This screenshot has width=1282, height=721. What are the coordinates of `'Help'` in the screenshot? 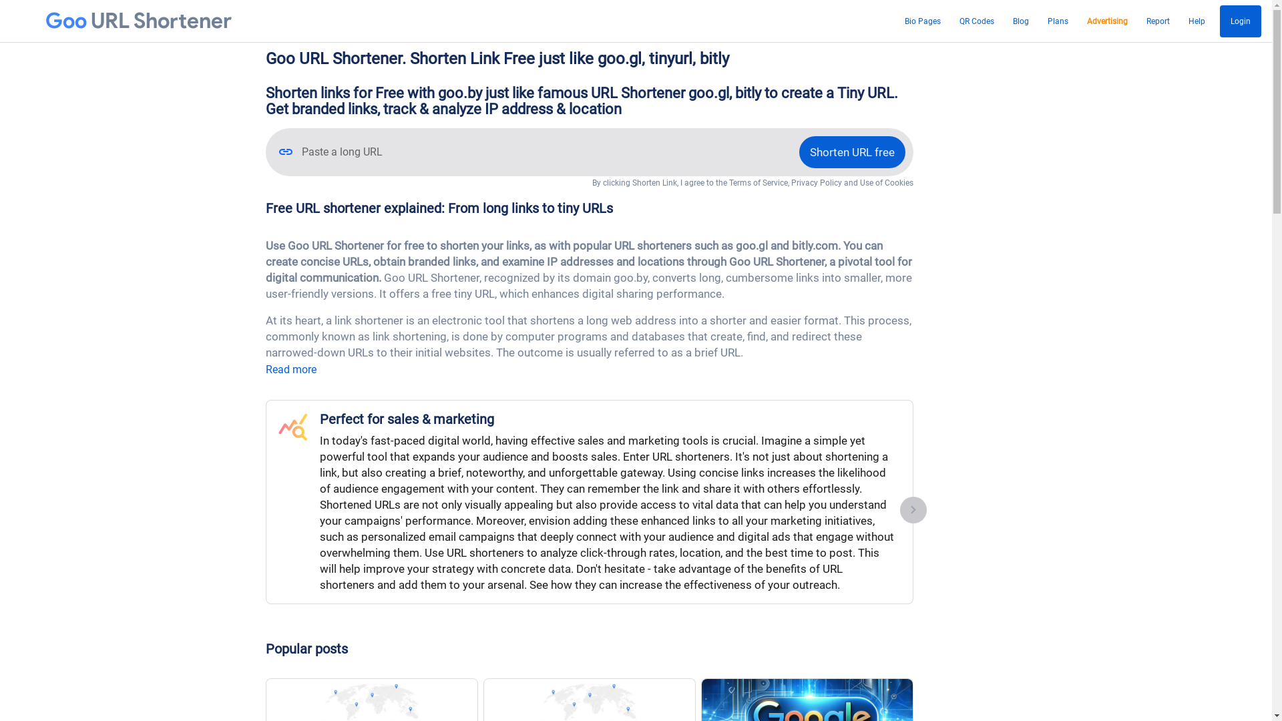 It's located at (1197, 21).